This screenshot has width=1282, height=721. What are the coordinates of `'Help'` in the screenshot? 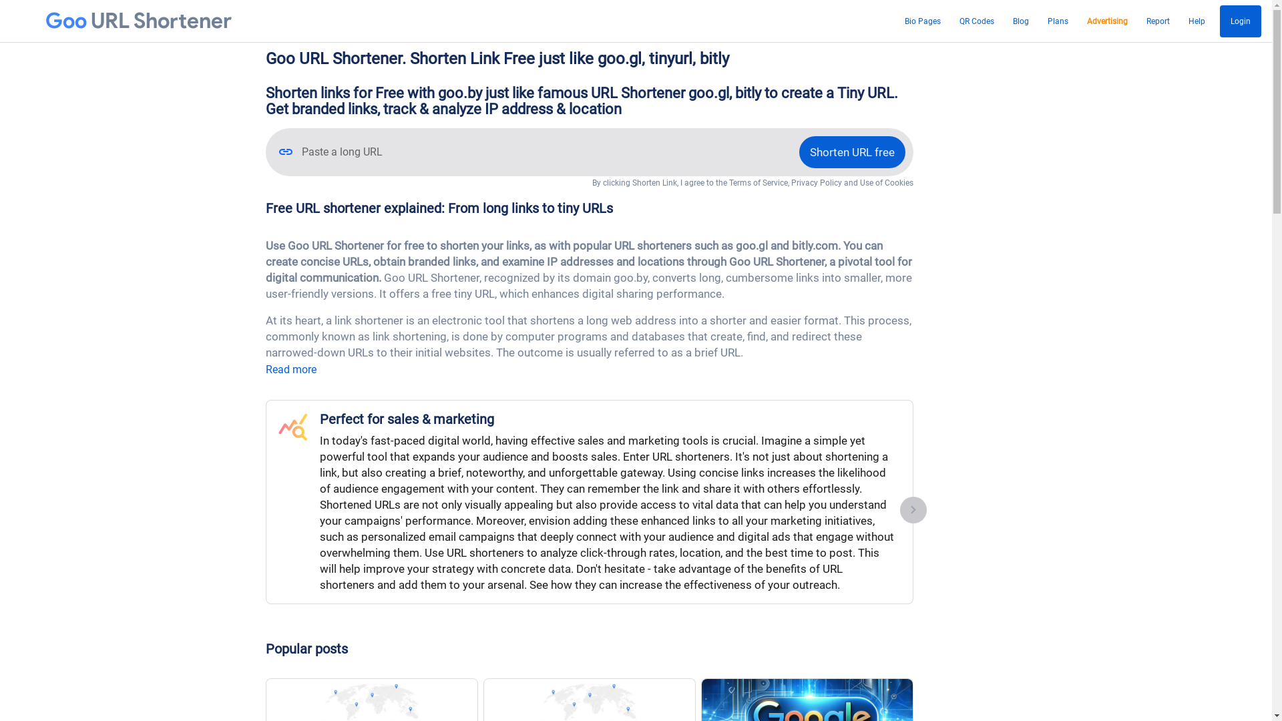 It's located at (1197, 21).